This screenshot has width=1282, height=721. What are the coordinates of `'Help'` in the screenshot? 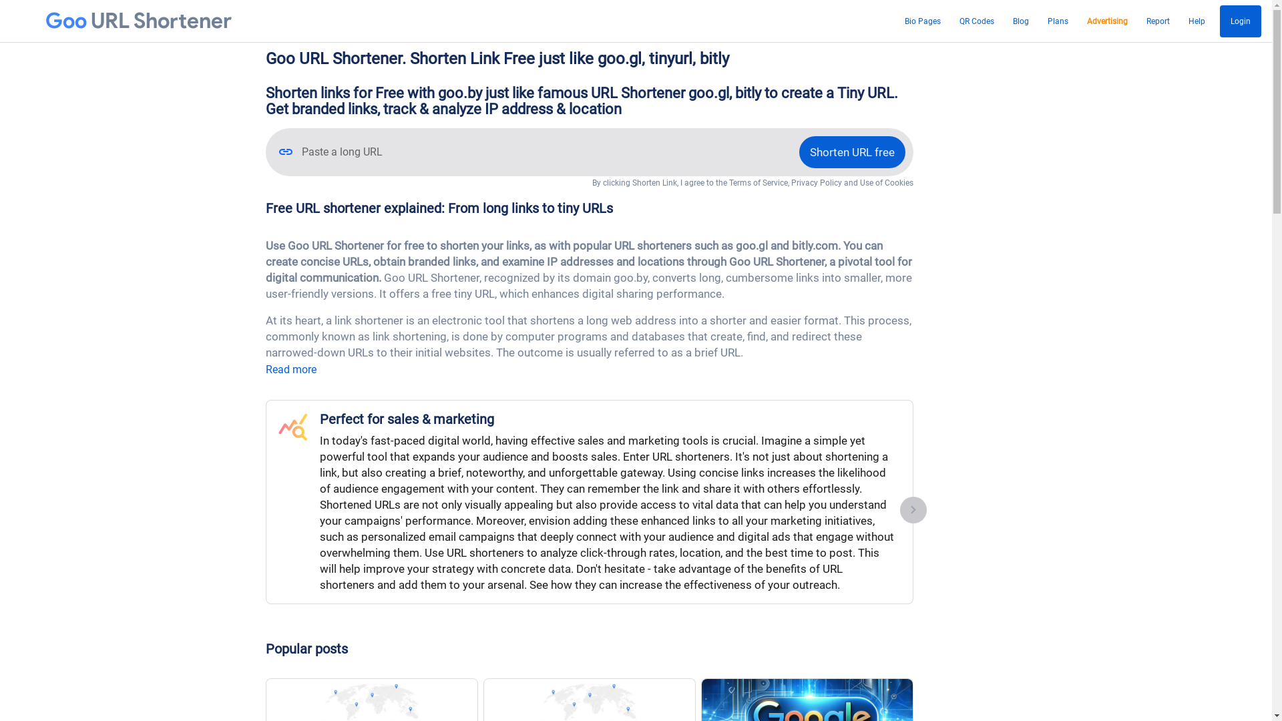 It's located at (1197, 21).